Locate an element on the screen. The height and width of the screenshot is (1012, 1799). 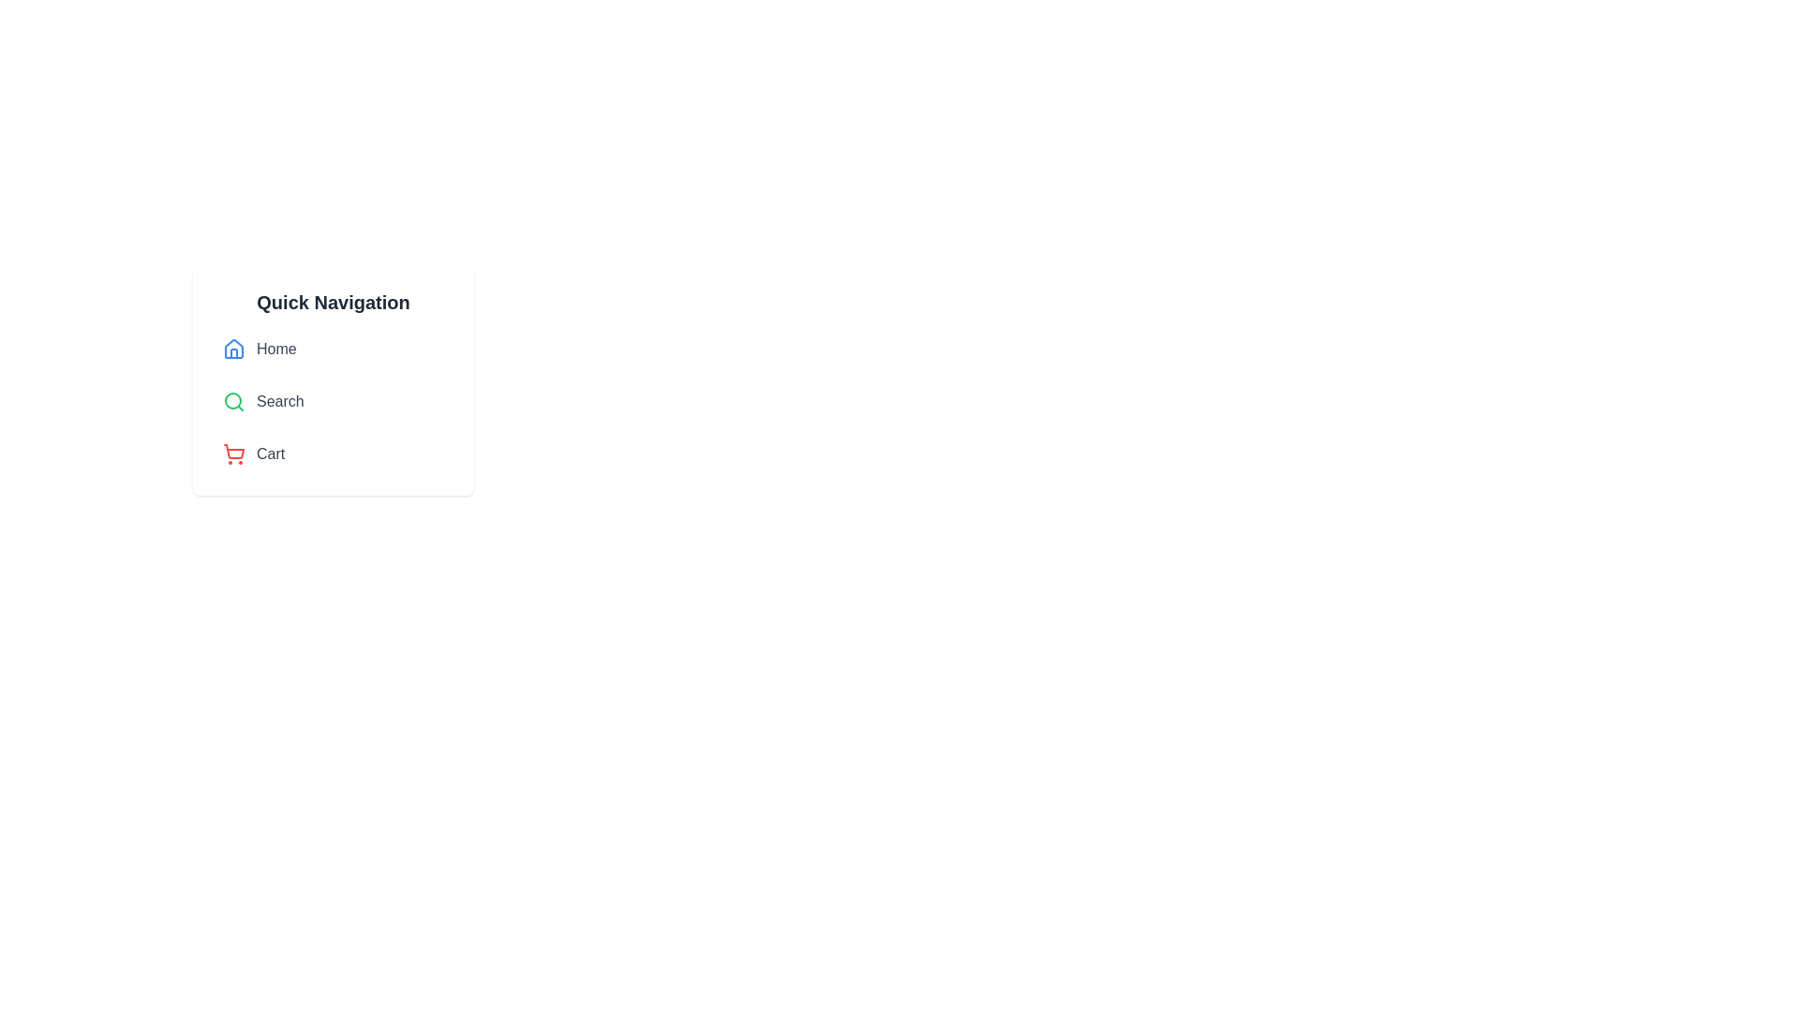
the house-like blue icon located to the left of the word 'Home' is located at coordinates (232, 350).